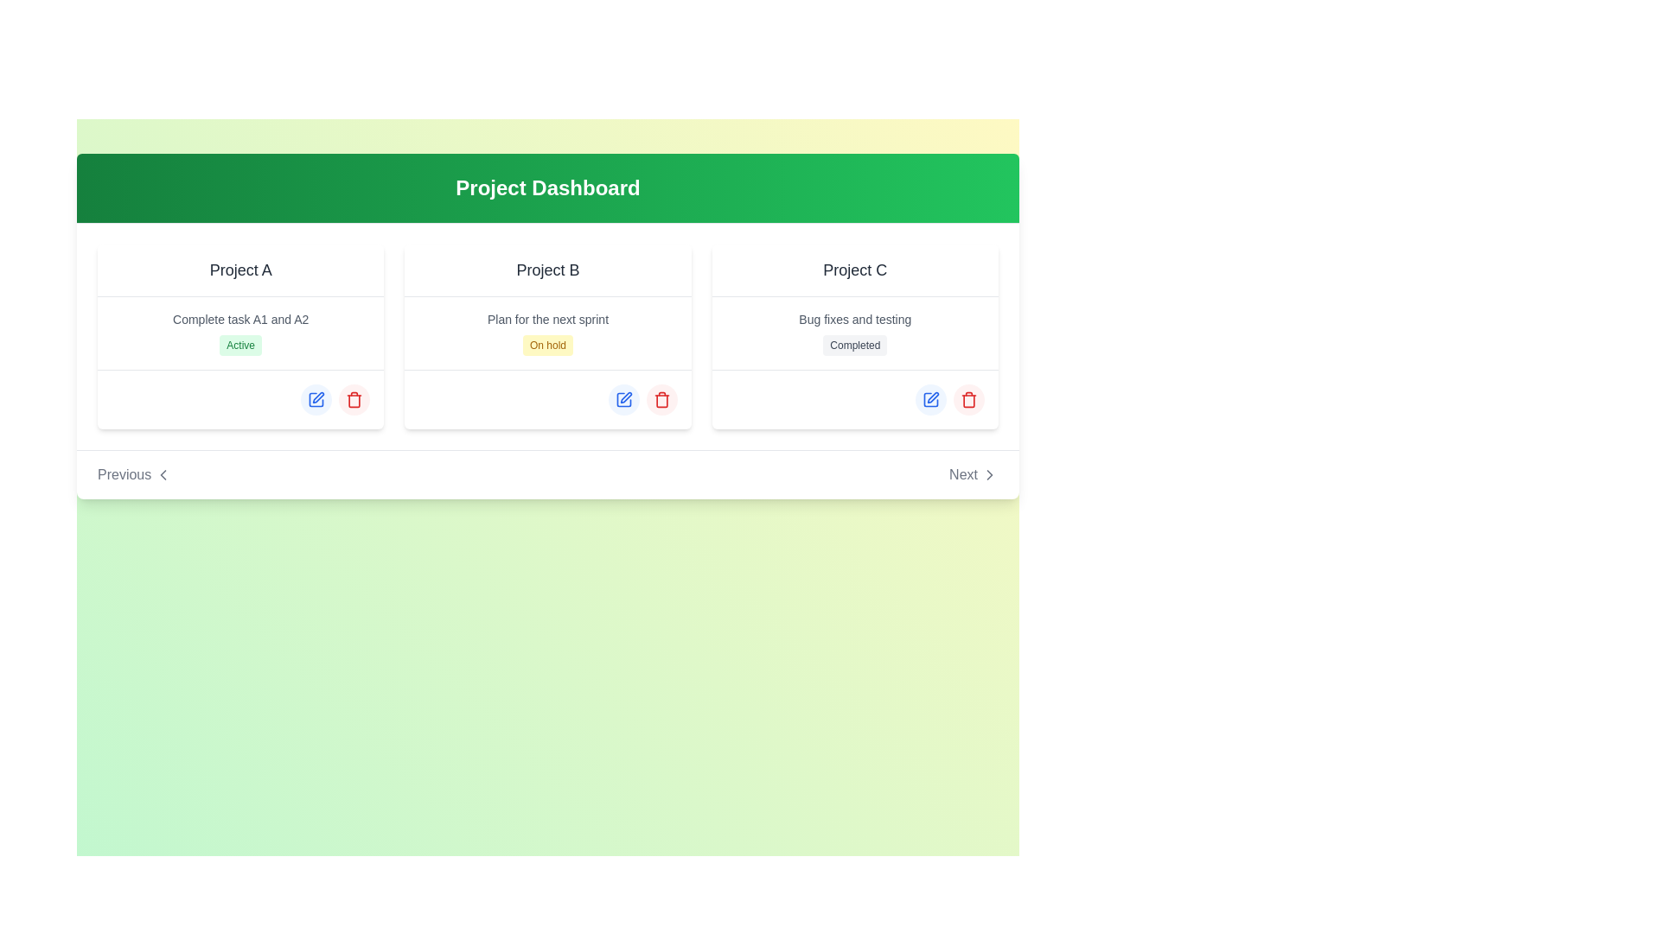 This screenshot has width=1660, height=933. Describe the element at coordinates (622, 399) in the screenshot. I see `the edit button located in the bottom-right corner of the 'Project B' card section` at that location.